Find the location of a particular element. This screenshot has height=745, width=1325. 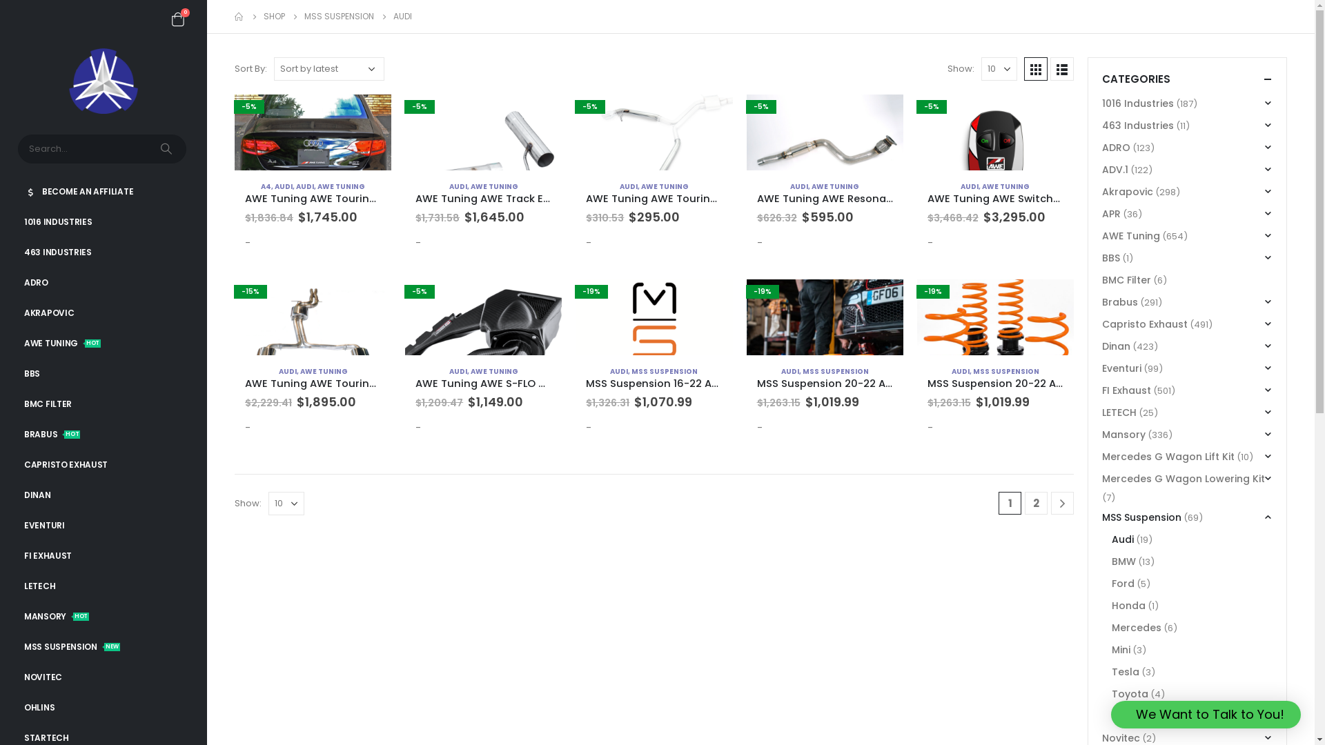

'BMC FILTER' is located at coordinates (102, 404).